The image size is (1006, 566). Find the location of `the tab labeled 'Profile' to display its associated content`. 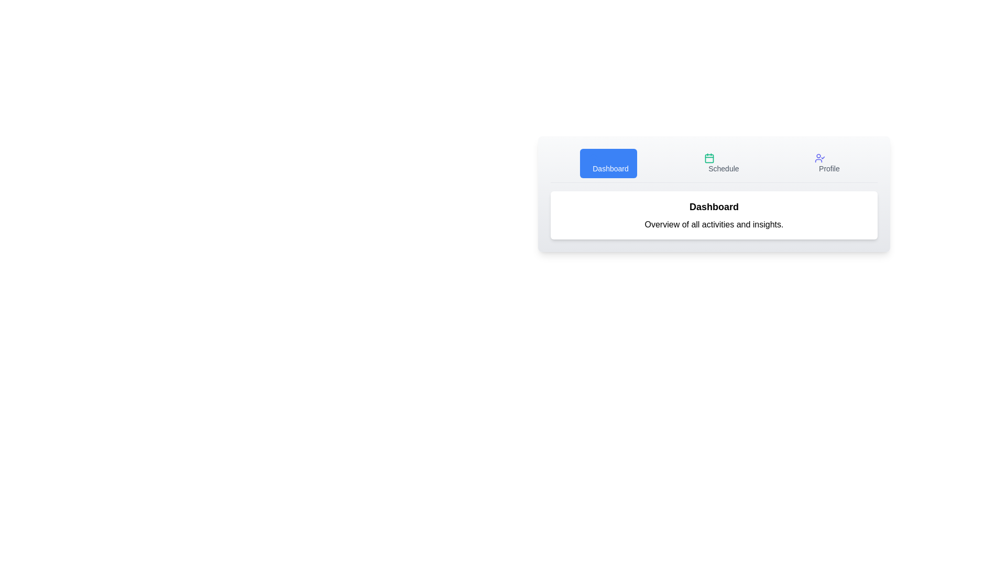

the tab labeled 'Profile' to display its associated content is located at coordinates (826, 164).